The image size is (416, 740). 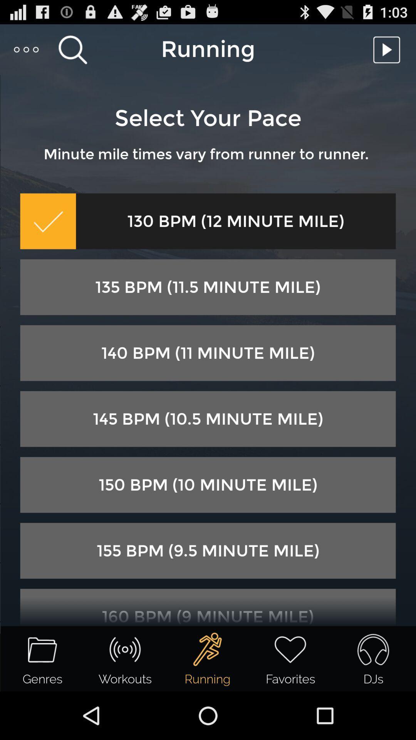 I want to click on the play icon, so click(x=389, y=52).